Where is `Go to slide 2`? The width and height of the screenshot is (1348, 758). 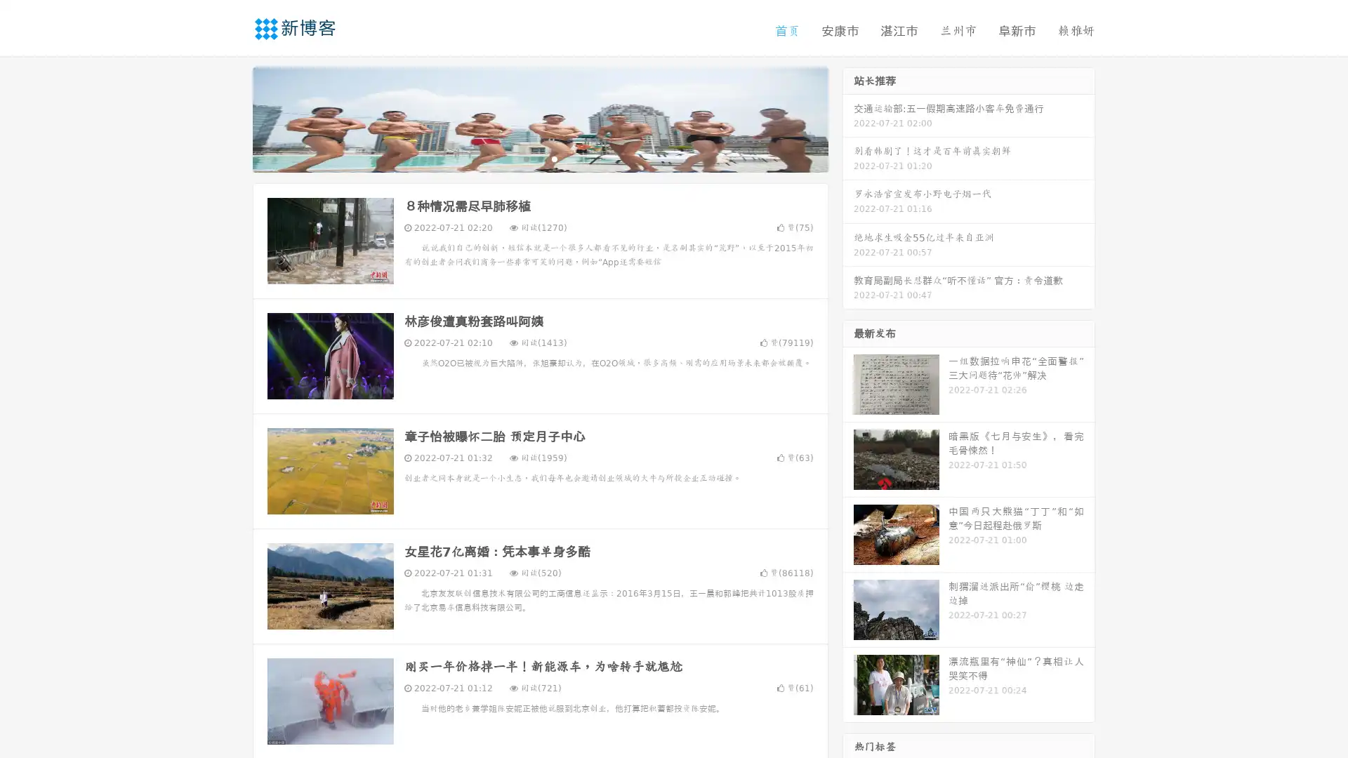 Go to slide 2 is located at coordinates (539, 158).